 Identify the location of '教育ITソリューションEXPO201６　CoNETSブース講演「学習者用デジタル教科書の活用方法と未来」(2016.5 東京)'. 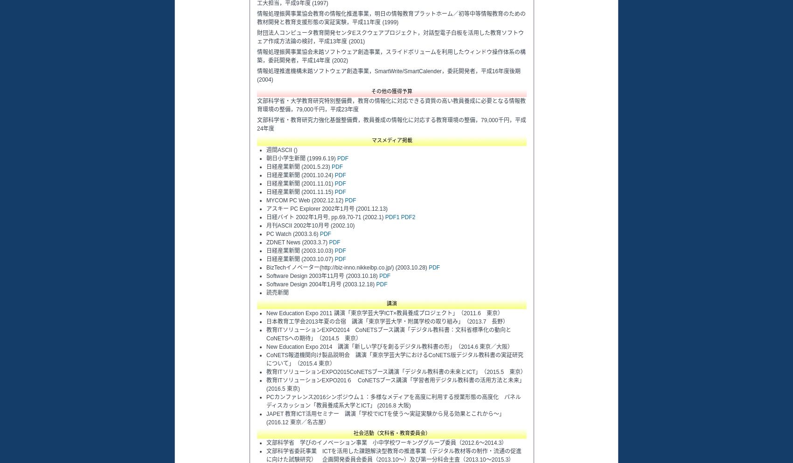
(395, 384).